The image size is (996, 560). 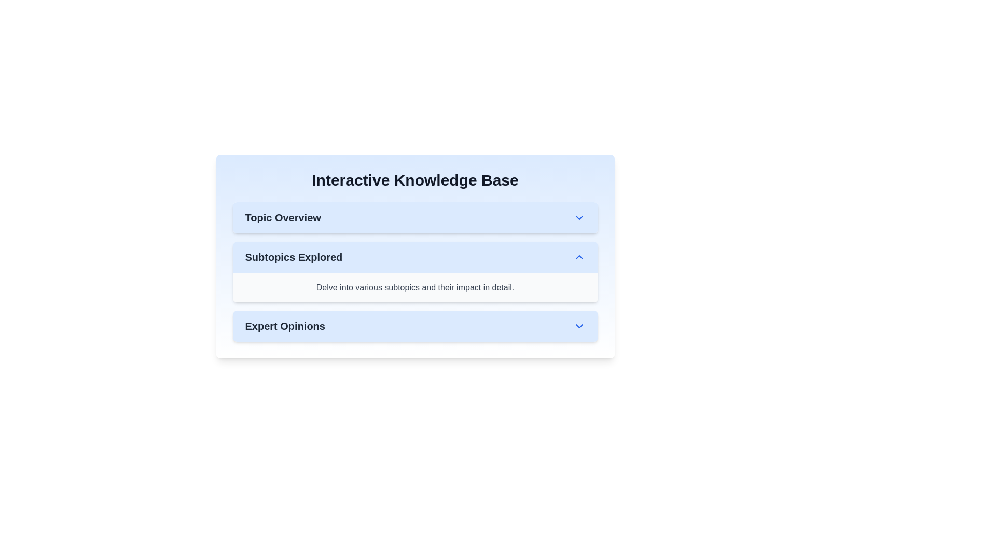 I want to click on the toggle button icon located on the right side of the 'Expert Opinions' section, so click(x=578, y=325).